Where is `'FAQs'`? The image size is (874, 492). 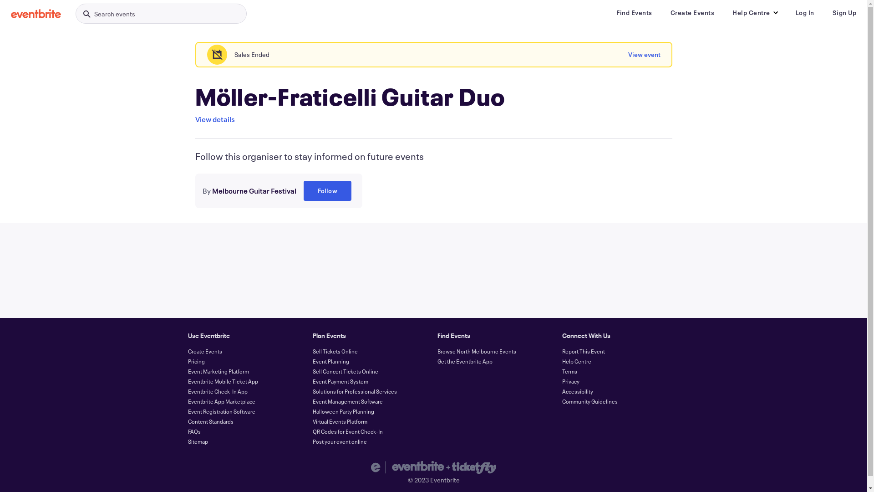
'FAQs' is located at coordinates (193, 431).